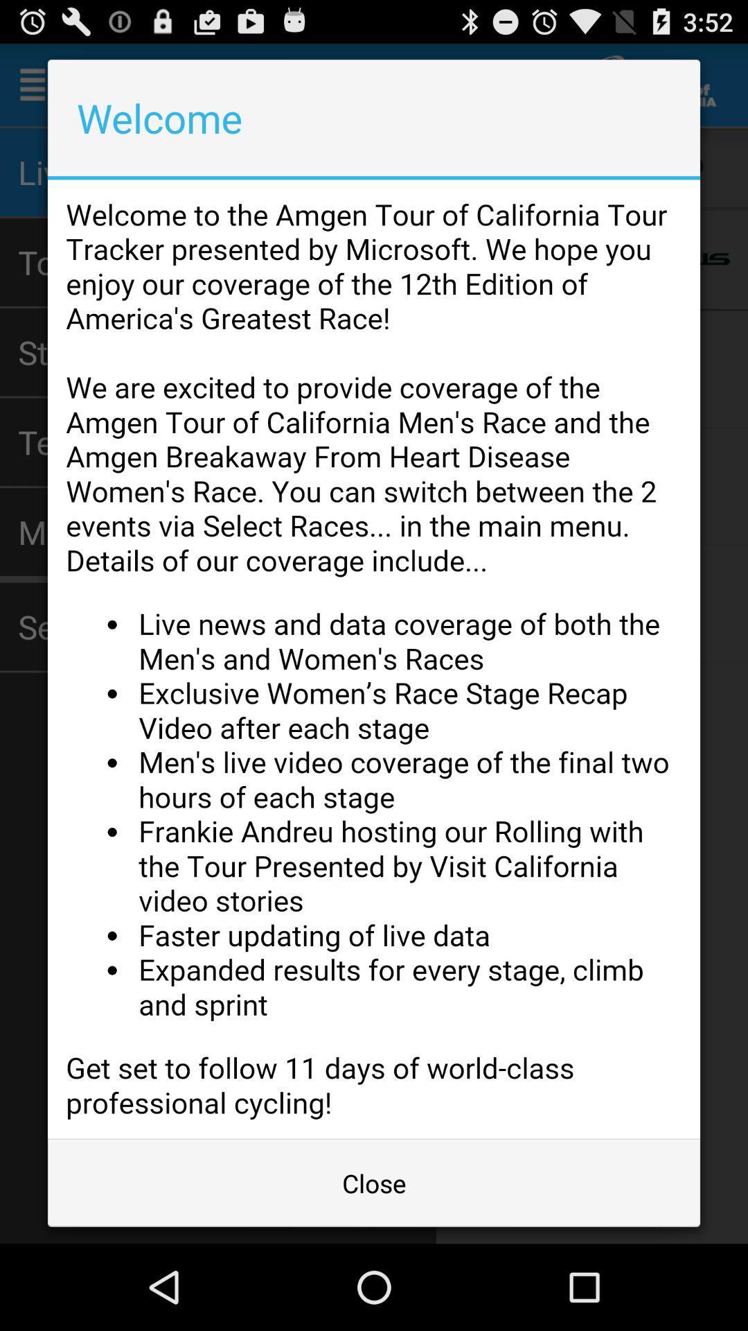 The image size is (748, 1331). What do you see at coordinates (374, 658) in the screenshot?
I see `advertisement page` at bounding box center [374, 658].